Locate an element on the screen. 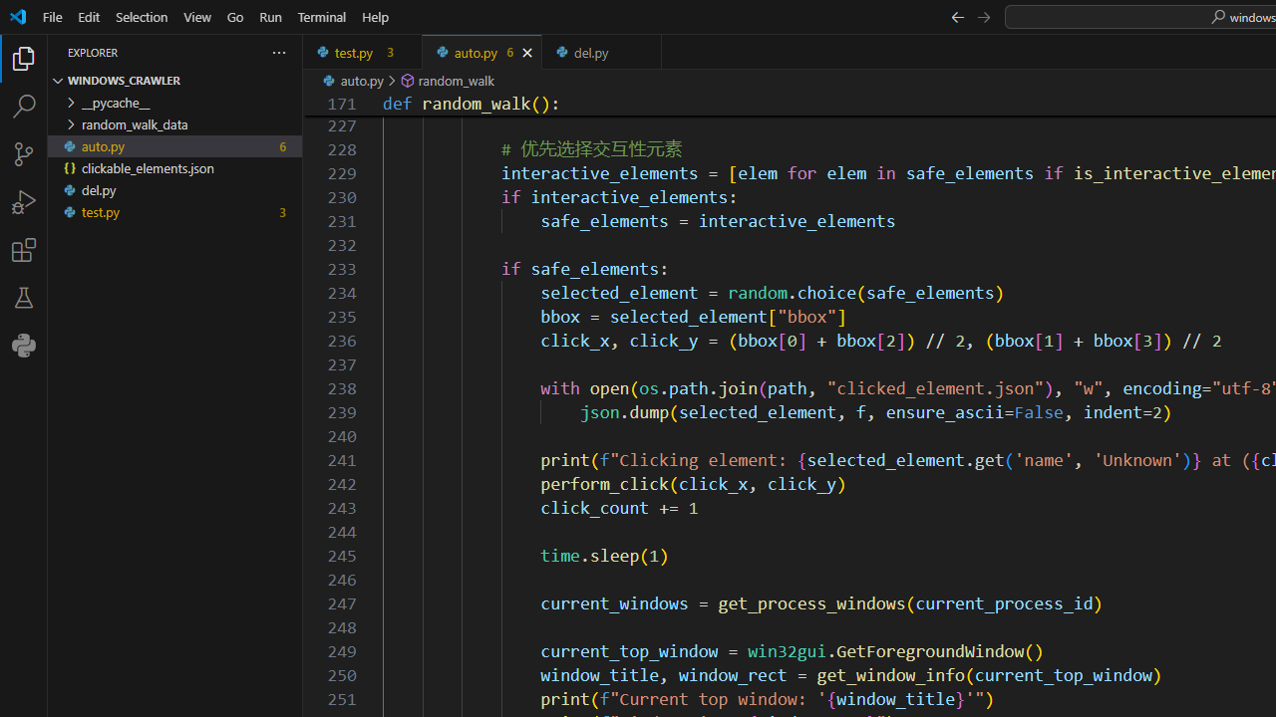  'Python' is located at coordinates (24, 345).